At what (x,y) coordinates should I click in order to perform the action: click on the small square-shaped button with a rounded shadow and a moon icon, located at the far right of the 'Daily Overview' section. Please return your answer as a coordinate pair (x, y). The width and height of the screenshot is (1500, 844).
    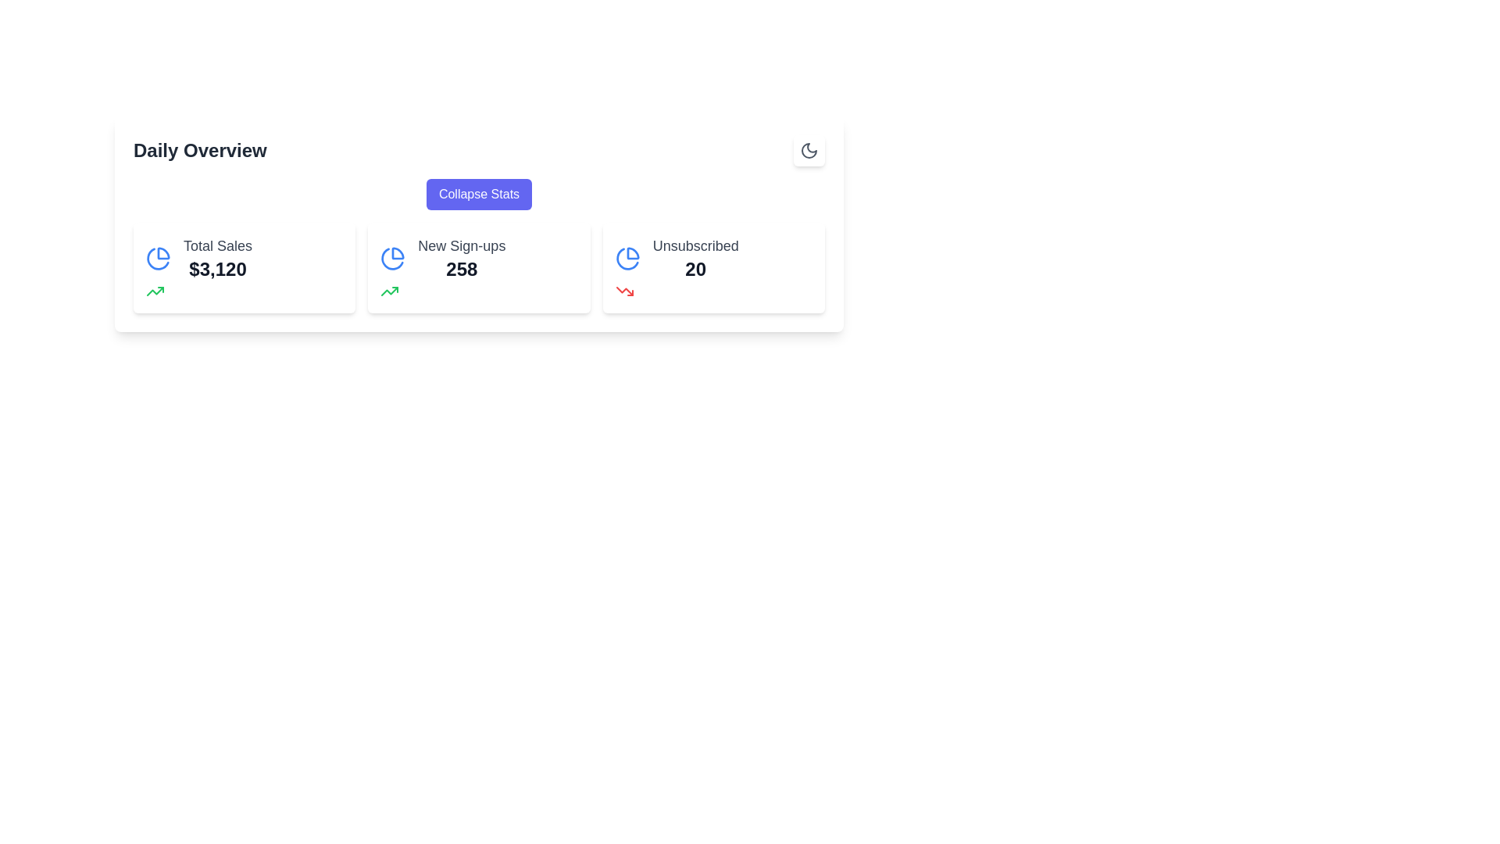
    Looking at the image, I should click on (809, 150).